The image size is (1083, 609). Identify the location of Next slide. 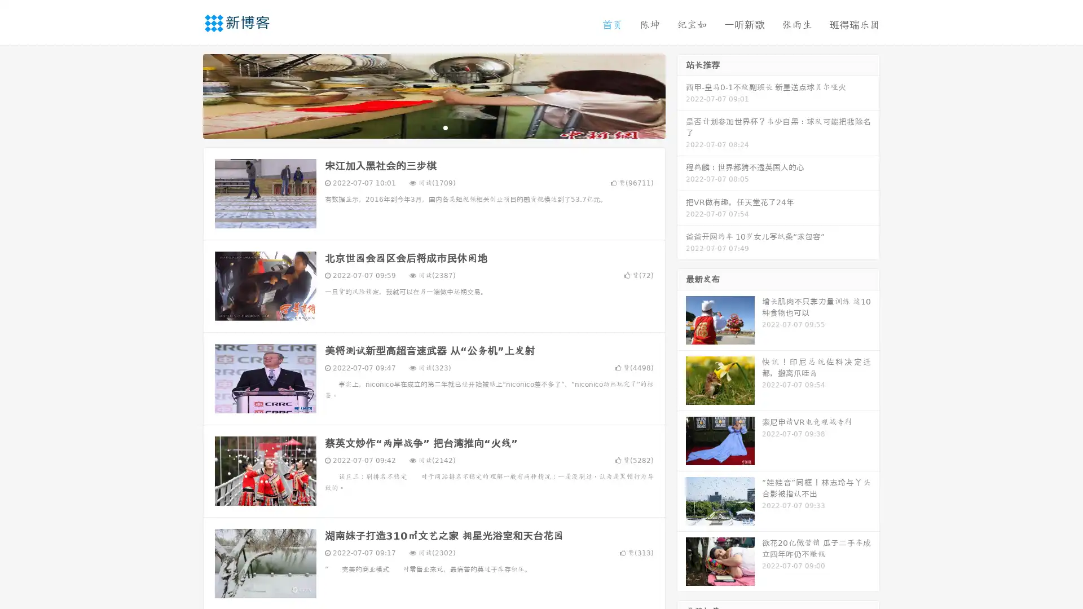
(681, 95).